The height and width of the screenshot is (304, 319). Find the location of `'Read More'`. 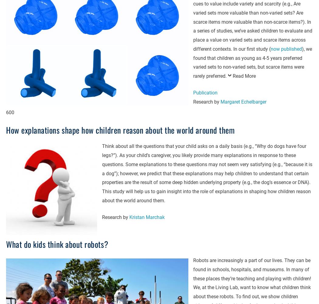

'Read More' is located at coordinates (232, 75).